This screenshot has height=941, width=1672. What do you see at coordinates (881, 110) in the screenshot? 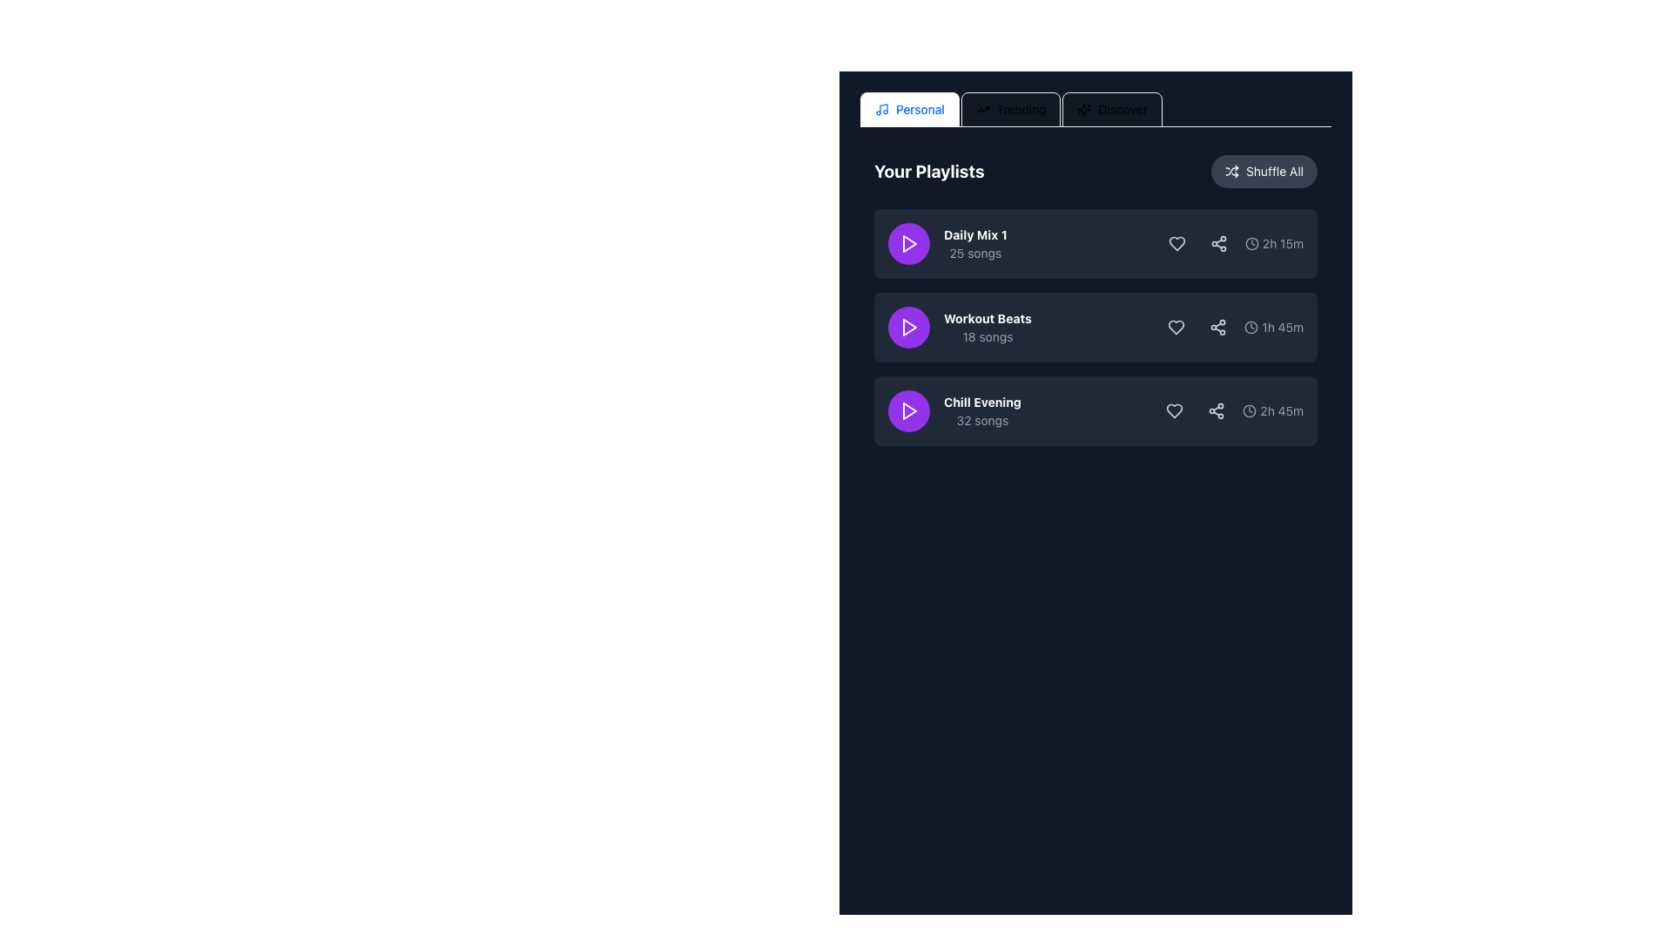
I see `the small music icon styled as a note, which is light-colored and located next to the text 'Personal' within the navigation tab` at bounding box center [881, 110].